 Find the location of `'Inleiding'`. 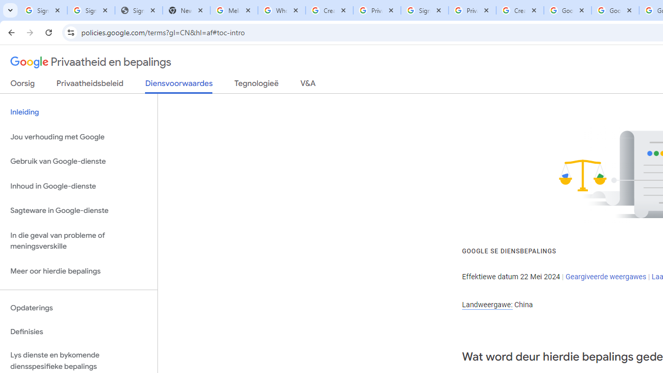

'Inleiding' is located at coordinates (78, 112).